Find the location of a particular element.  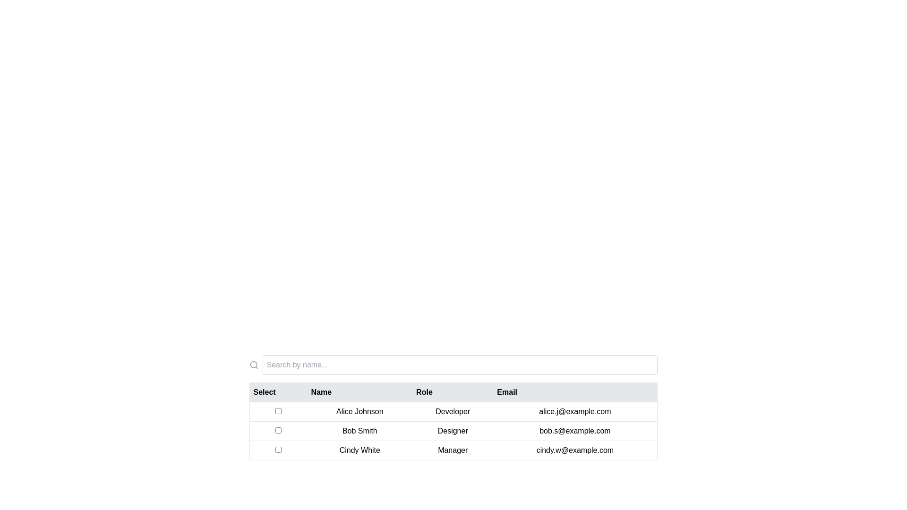

the text element displaying 'Alice Johnson' is located at coordinates (359, 411).